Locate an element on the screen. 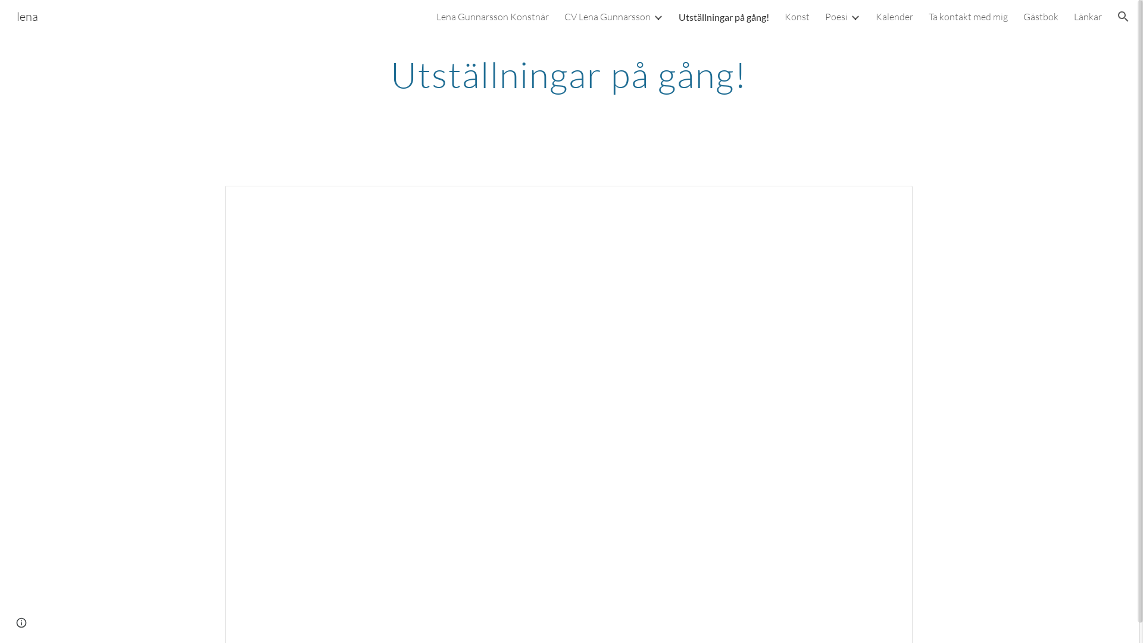  'Poesi' is located at coordinates (836, 16).